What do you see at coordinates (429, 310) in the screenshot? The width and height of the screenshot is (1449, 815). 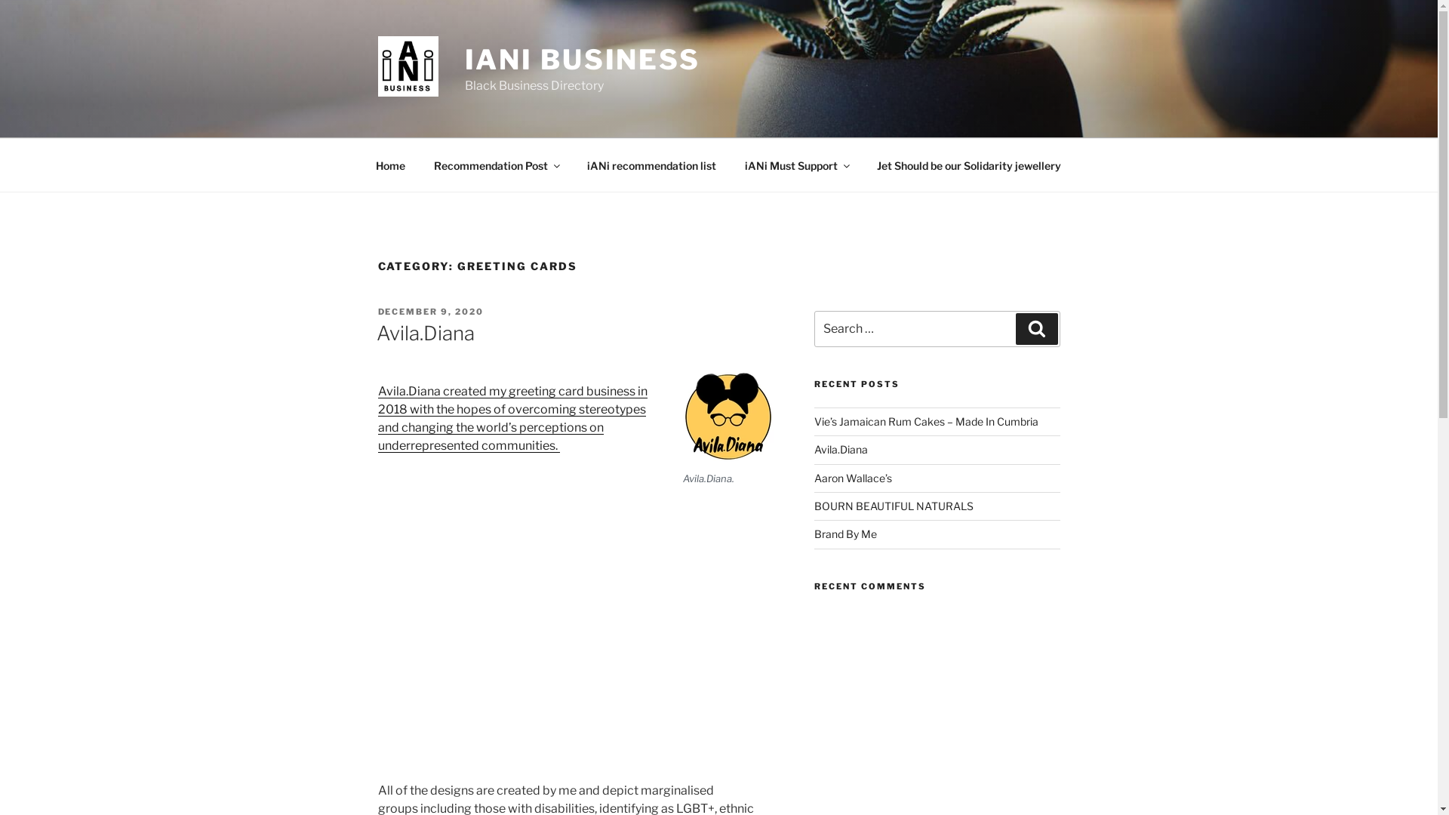 I see `'DECEMBER 9, 2020'` at bounding box center [429, 310].